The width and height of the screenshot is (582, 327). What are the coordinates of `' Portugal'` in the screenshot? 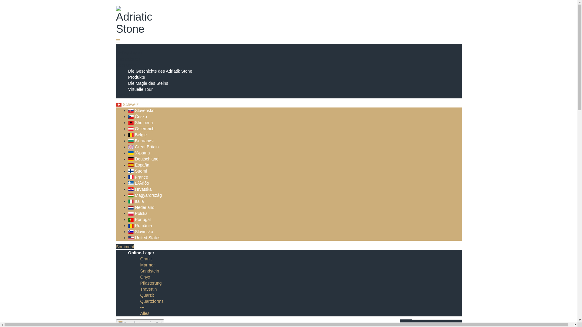 It's located at (139, 220).